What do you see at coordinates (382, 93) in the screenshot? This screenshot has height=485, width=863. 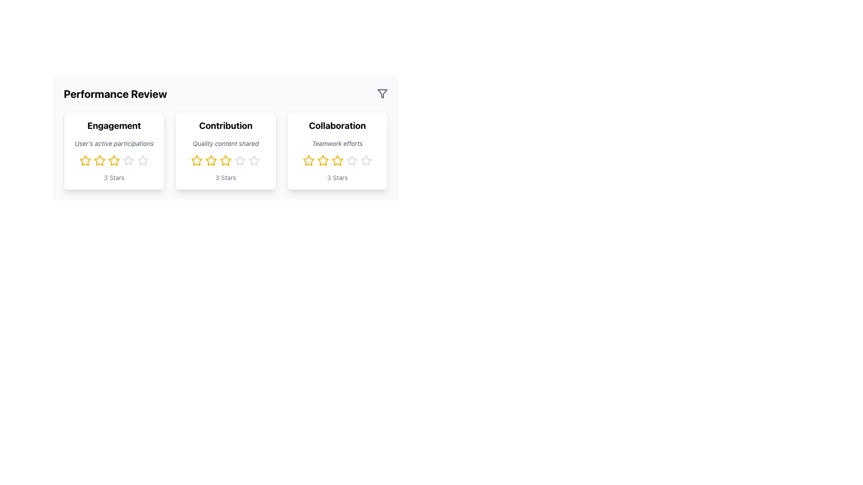 I see `the triangular-shaped icon located in the top-right corner of the layout, which has a gray stroke on a white background and resembles a funnel or filter` at bounding box center [382, 93].